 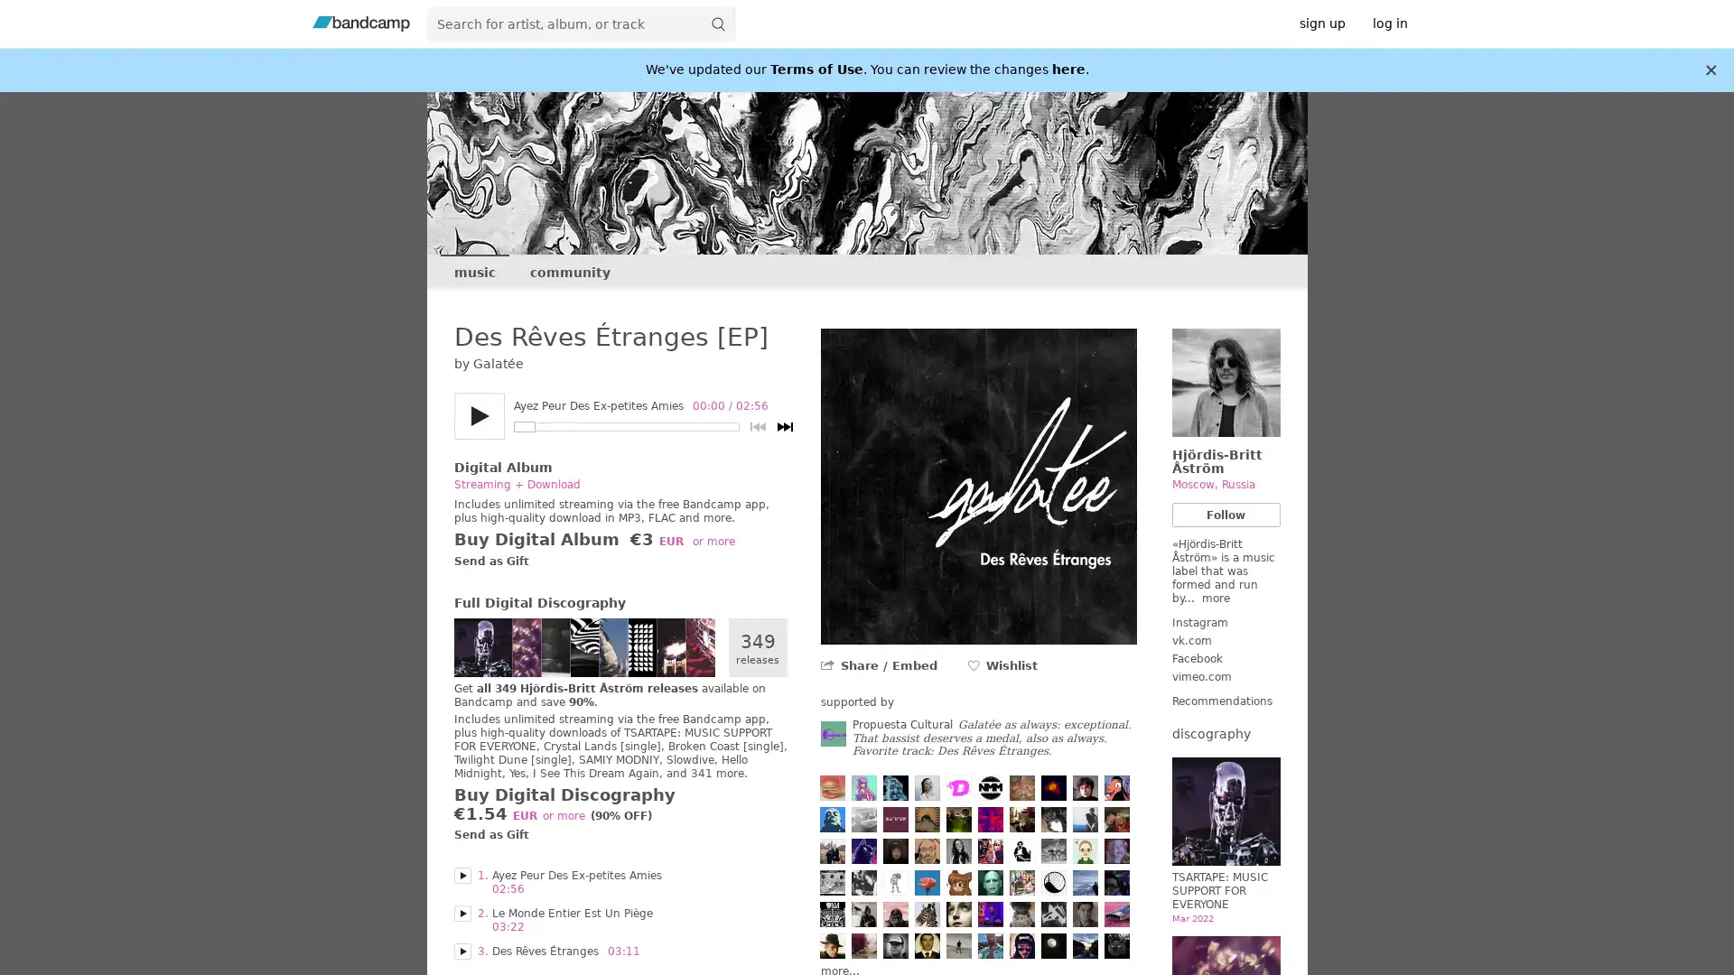 I want to click on Send as Gift, so click(x=490, y=835).